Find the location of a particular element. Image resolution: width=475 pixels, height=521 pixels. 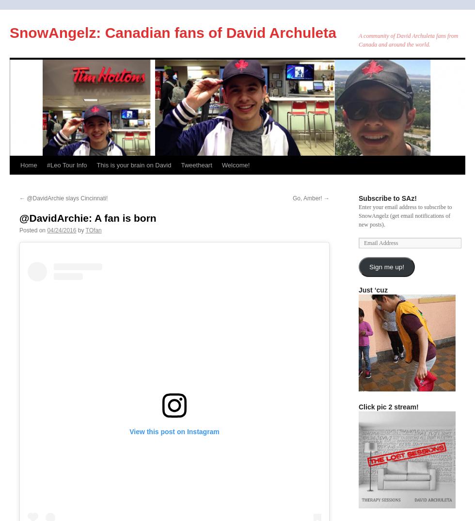

'Enter your email address to subscribe to SnowAngelz (get email notifications of new posts).' is located at coordinates (405, 215).